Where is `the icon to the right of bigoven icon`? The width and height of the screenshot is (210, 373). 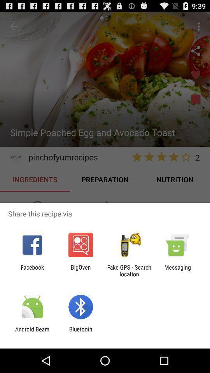
the icon to the right of bigoven icon is located at coordinates (129, 270).